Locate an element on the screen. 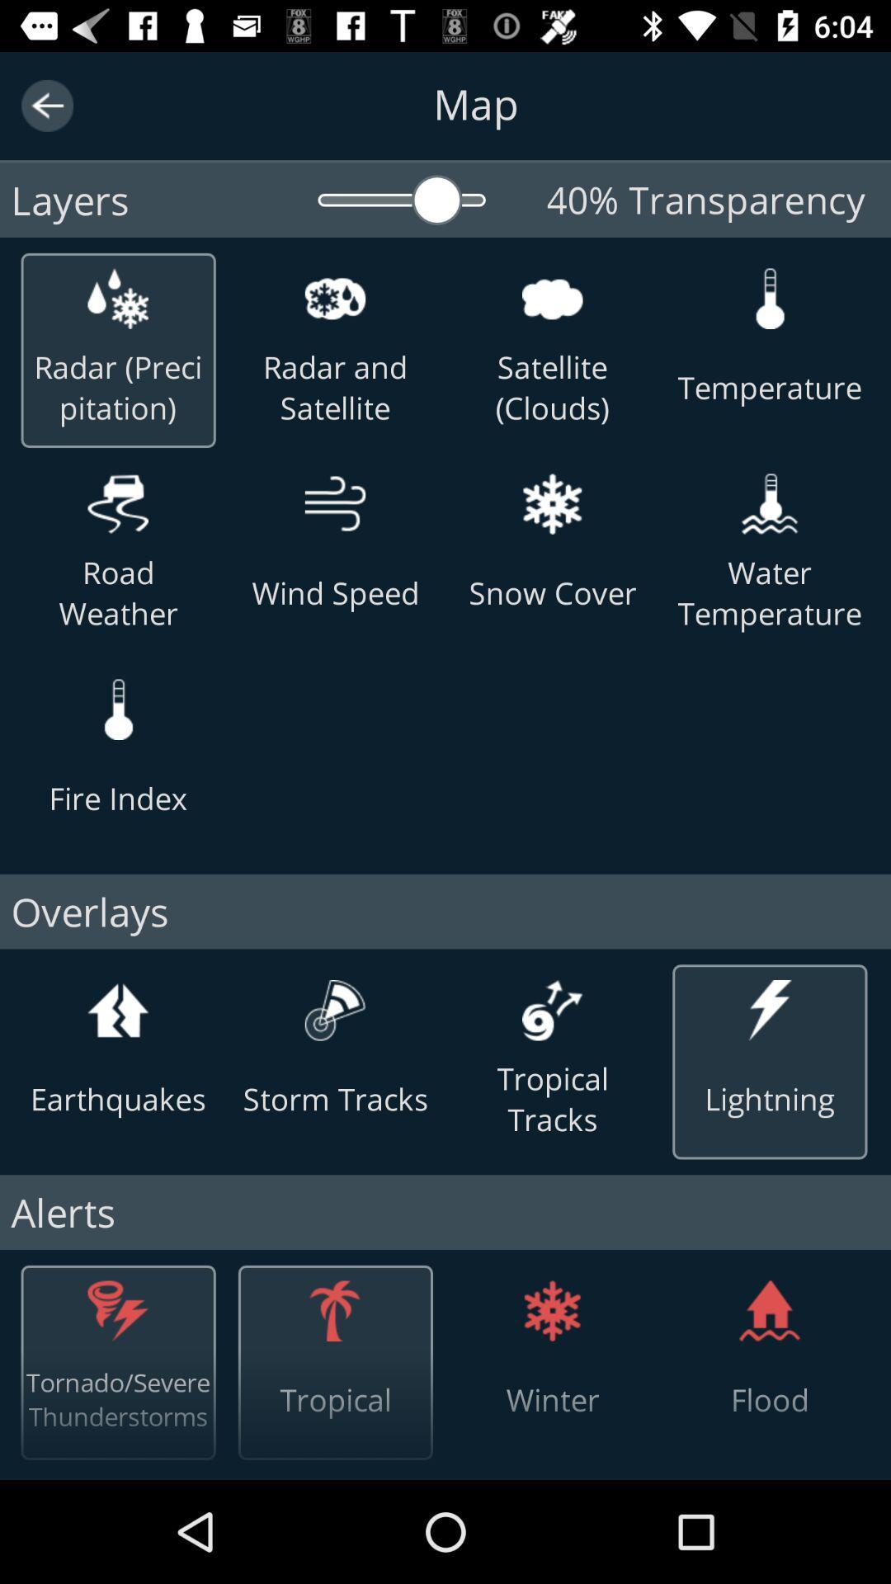 Image resolution: width=891 pixels, height=1584 pixels. the arrow_backward icon is located at coordinates (46, 105).